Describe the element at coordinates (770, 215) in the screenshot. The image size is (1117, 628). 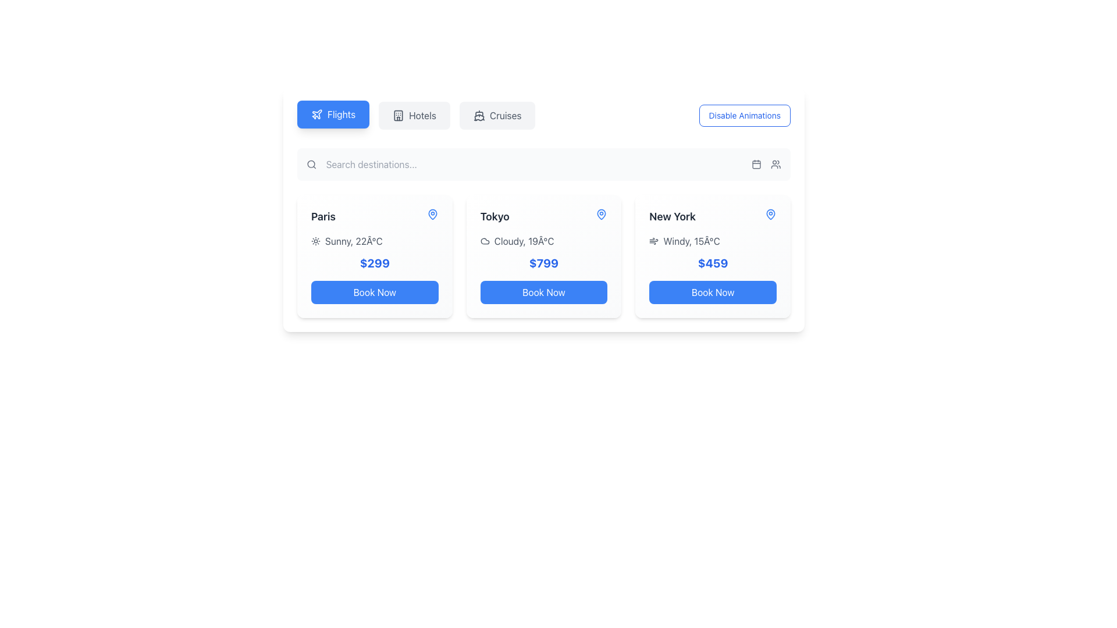
I see `the blue map pin icon located in the upper-right corner of the New York information card, positioned to the right of the headline 'New York' and slightly above the weather details` at that location.